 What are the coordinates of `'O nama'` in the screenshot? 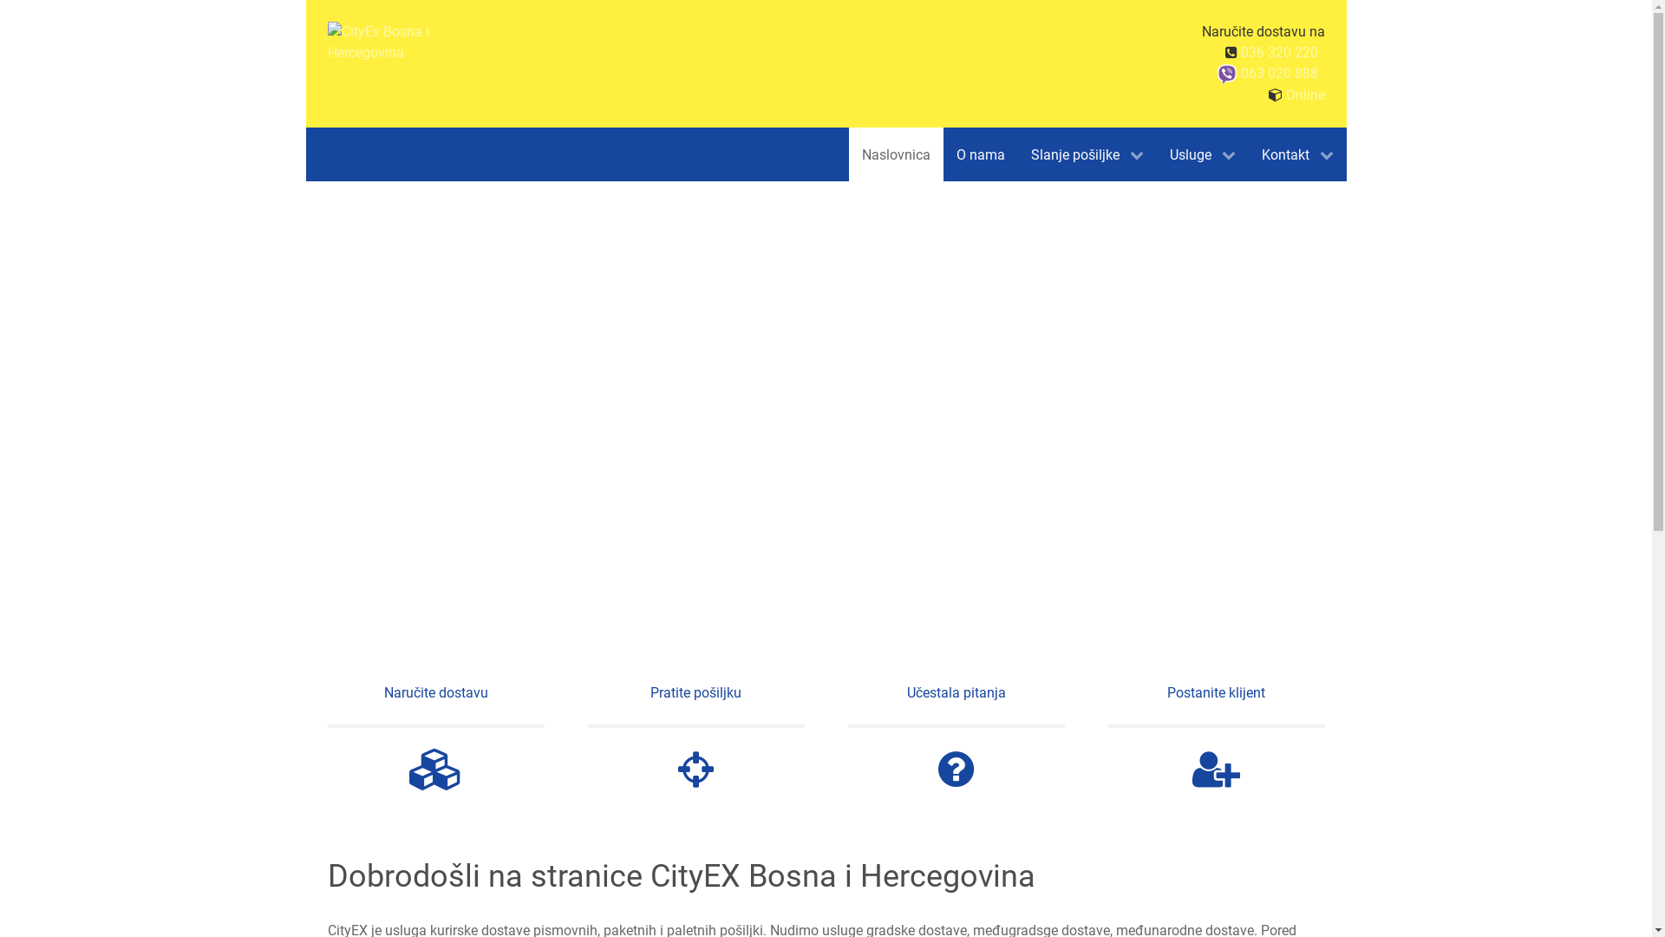 It's located at (981, 153).